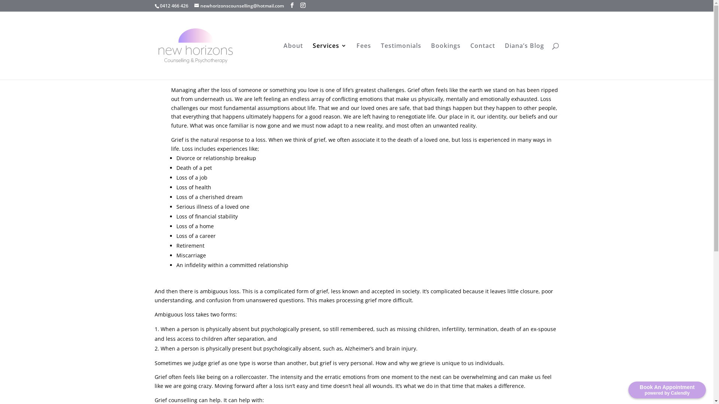 Image resolution: width=719 pixels, height=404 pixels. Describe the element at coordinates (364, 61) in the screenshot. I see `'Fees'` at that location.